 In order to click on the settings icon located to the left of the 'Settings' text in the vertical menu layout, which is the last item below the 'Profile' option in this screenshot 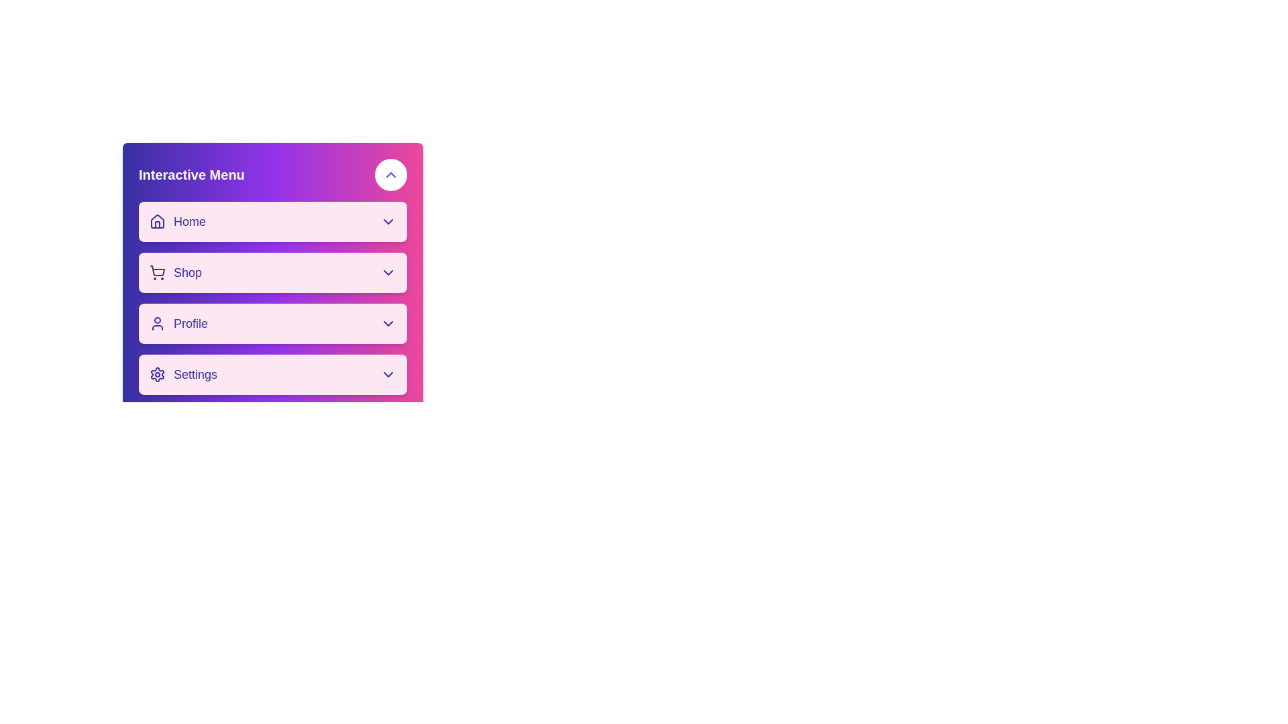, I will do `click(158, 375)`.